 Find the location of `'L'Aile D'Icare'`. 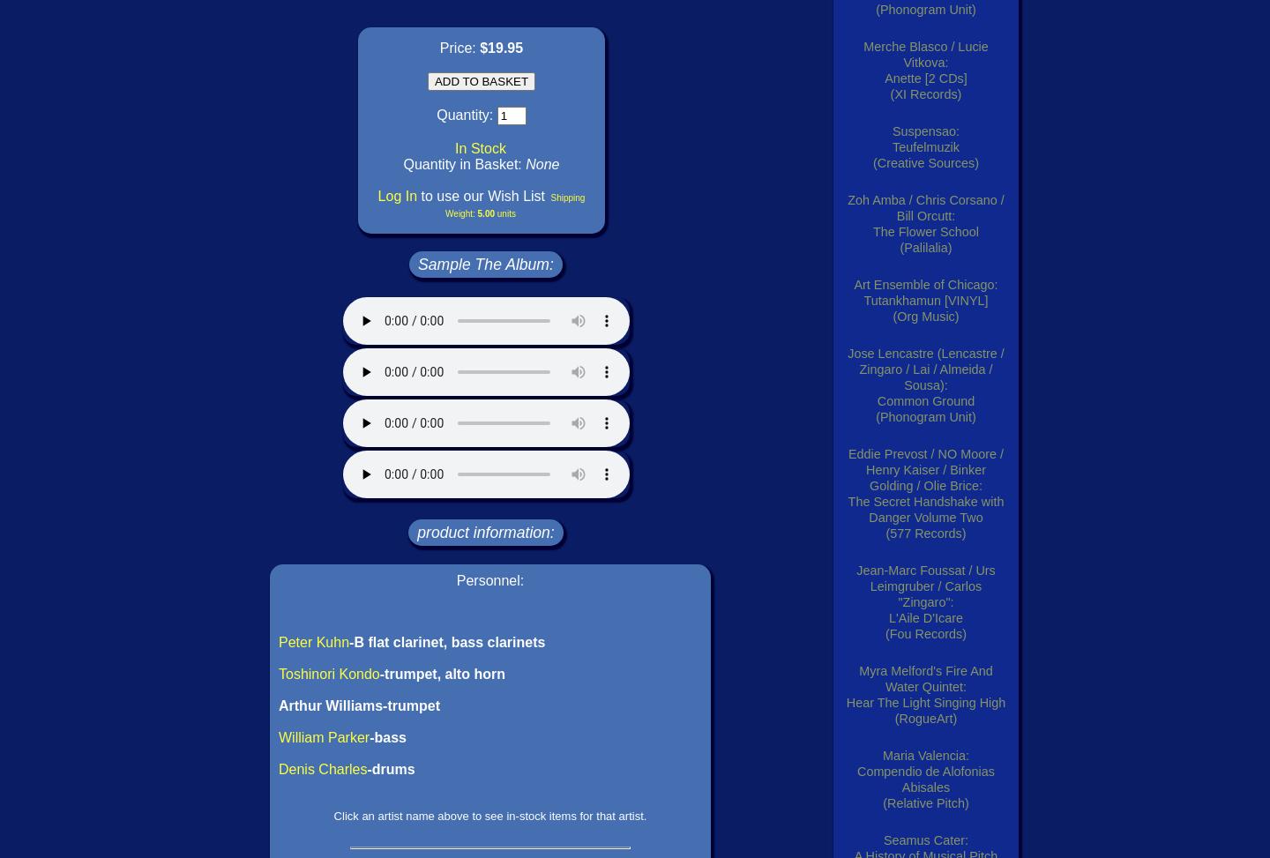

'L'Aile D'Icare' is located at coordinates (925, 618).